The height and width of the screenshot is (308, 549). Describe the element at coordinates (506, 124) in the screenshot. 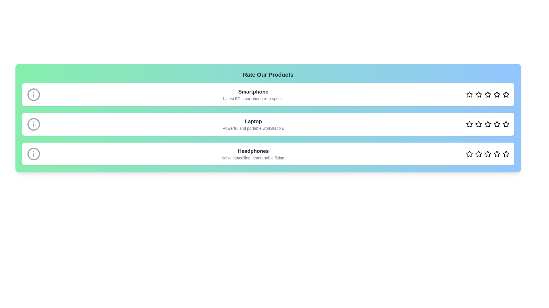

I see `the fifth star icon in the rating component for the 'Laptop' product` at that location.